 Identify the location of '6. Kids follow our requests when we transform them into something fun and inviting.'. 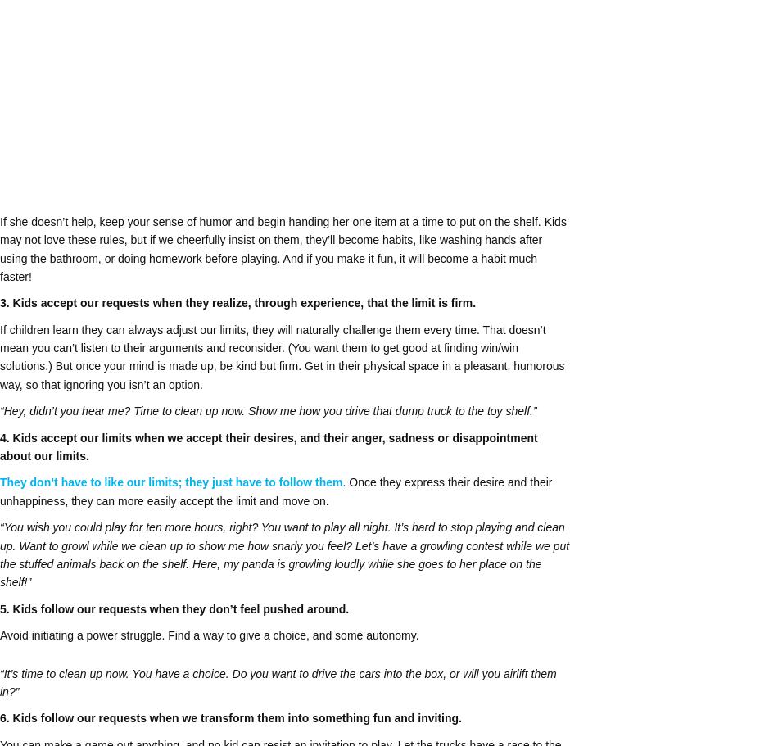
(229, 717).